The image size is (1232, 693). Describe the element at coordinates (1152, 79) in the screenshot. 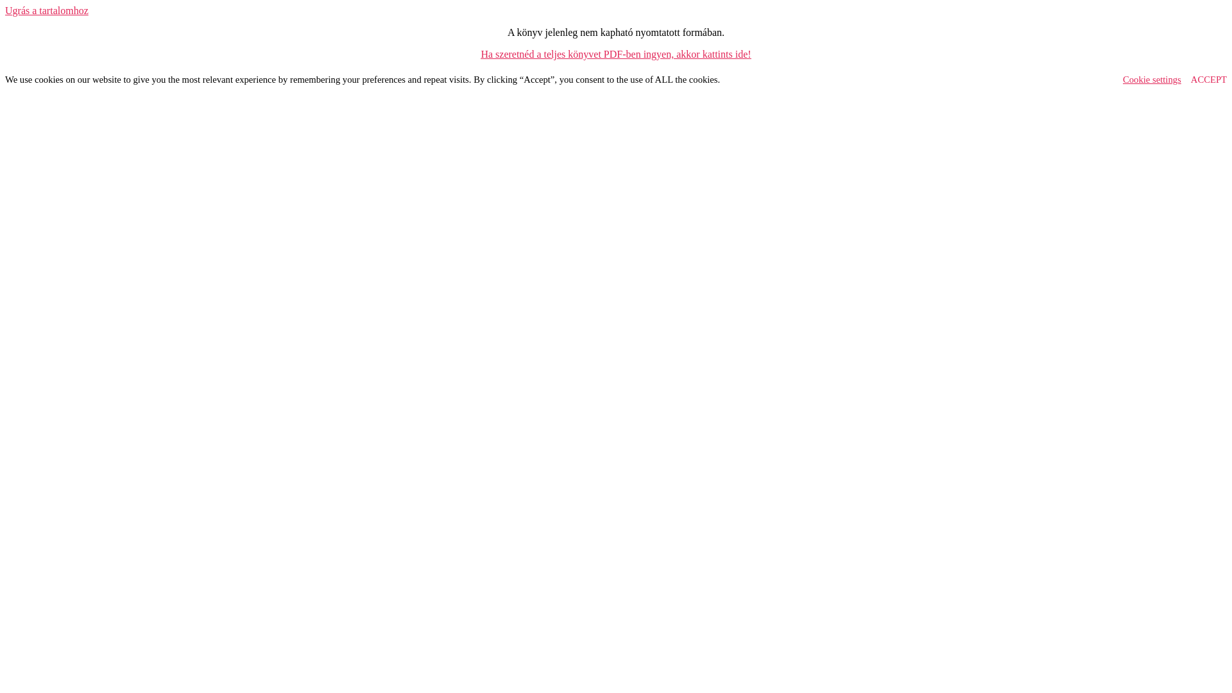

I see `'Cookie settings'` at that location.